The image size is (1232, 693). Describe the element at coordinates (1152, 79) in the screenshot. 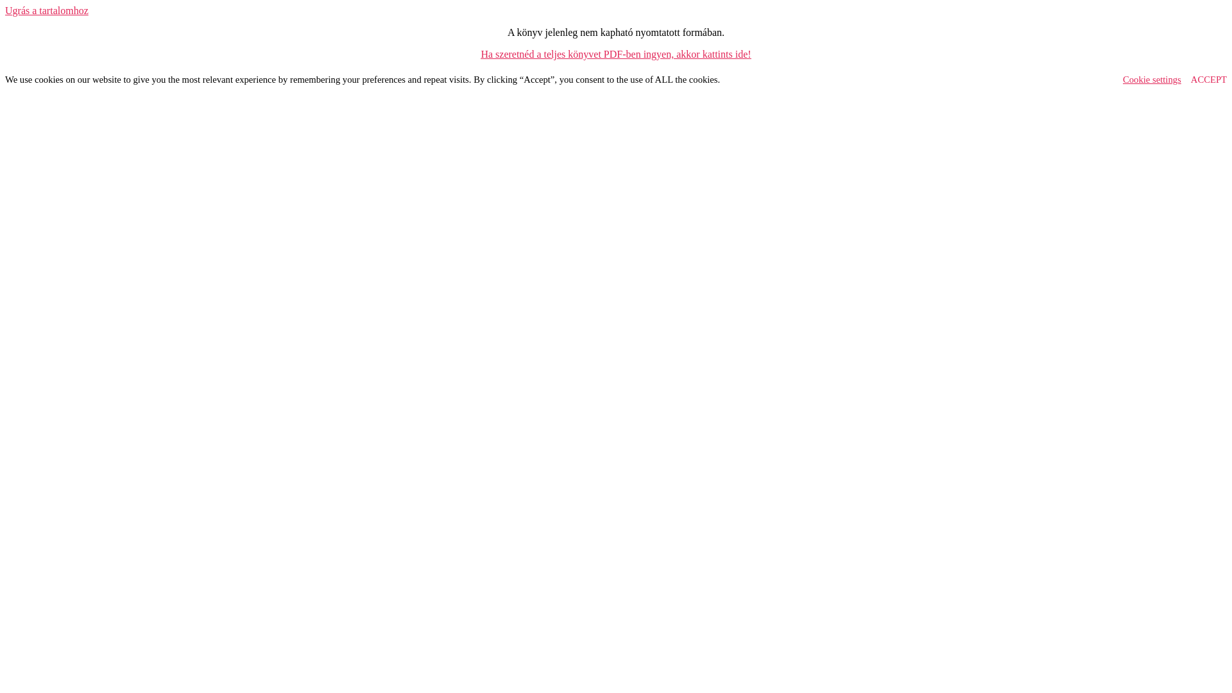

I see `'Cookie settings'` at that location.